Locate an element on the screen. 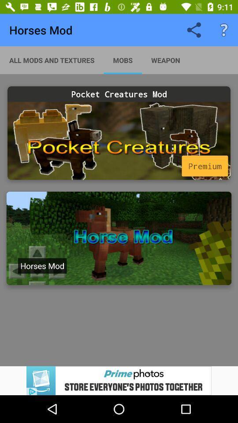  advertisement pocket creatures mod is located at coordinates (119, 141).